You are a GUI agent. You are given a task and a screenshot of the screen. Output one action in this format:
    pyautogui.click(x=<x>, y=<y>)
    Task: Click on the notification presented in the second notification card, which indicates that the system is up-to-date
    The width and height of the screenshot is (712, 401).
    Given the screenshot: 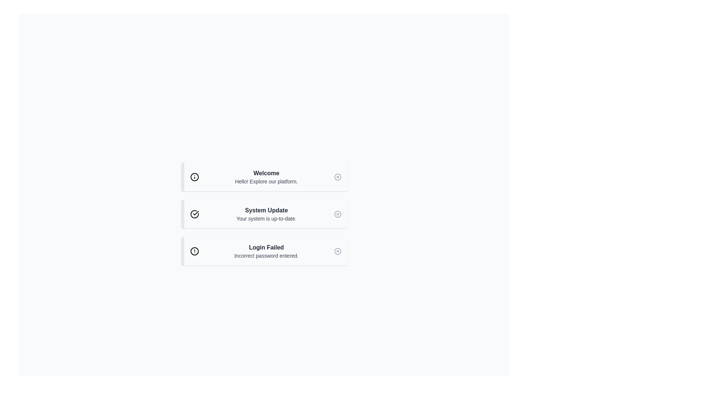 What is the action you would take?
    pyautogui.click(x=264, y=214)
    